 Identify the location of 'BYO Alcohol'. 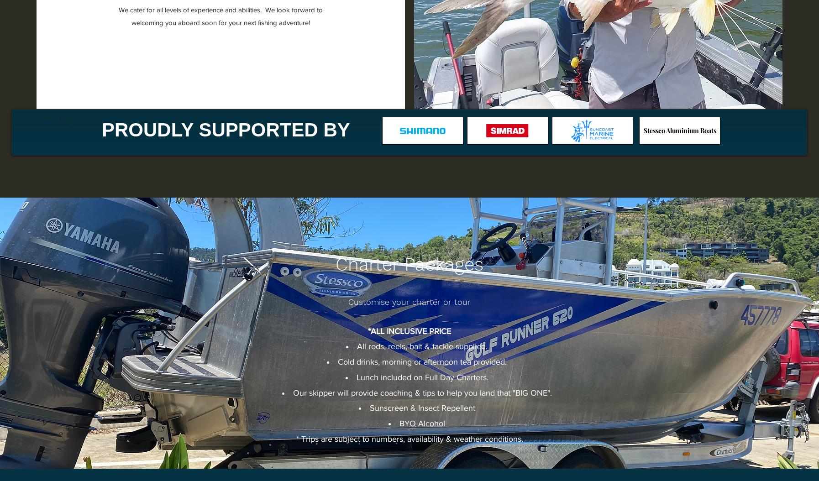
(421, 423).